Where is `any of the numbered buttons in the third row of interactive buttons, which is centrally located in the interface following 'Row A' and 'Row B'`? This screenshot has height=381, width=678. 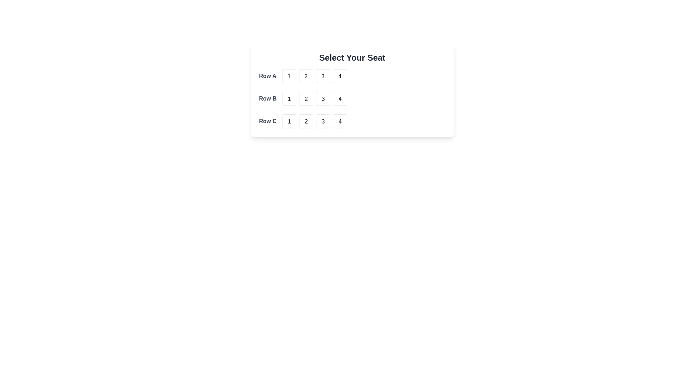 any of the numbered buttons in the third row of interactive buttons, which is centrally located in the interface following 'Row A' and 'Row B' is located at coordinates (352, 121).